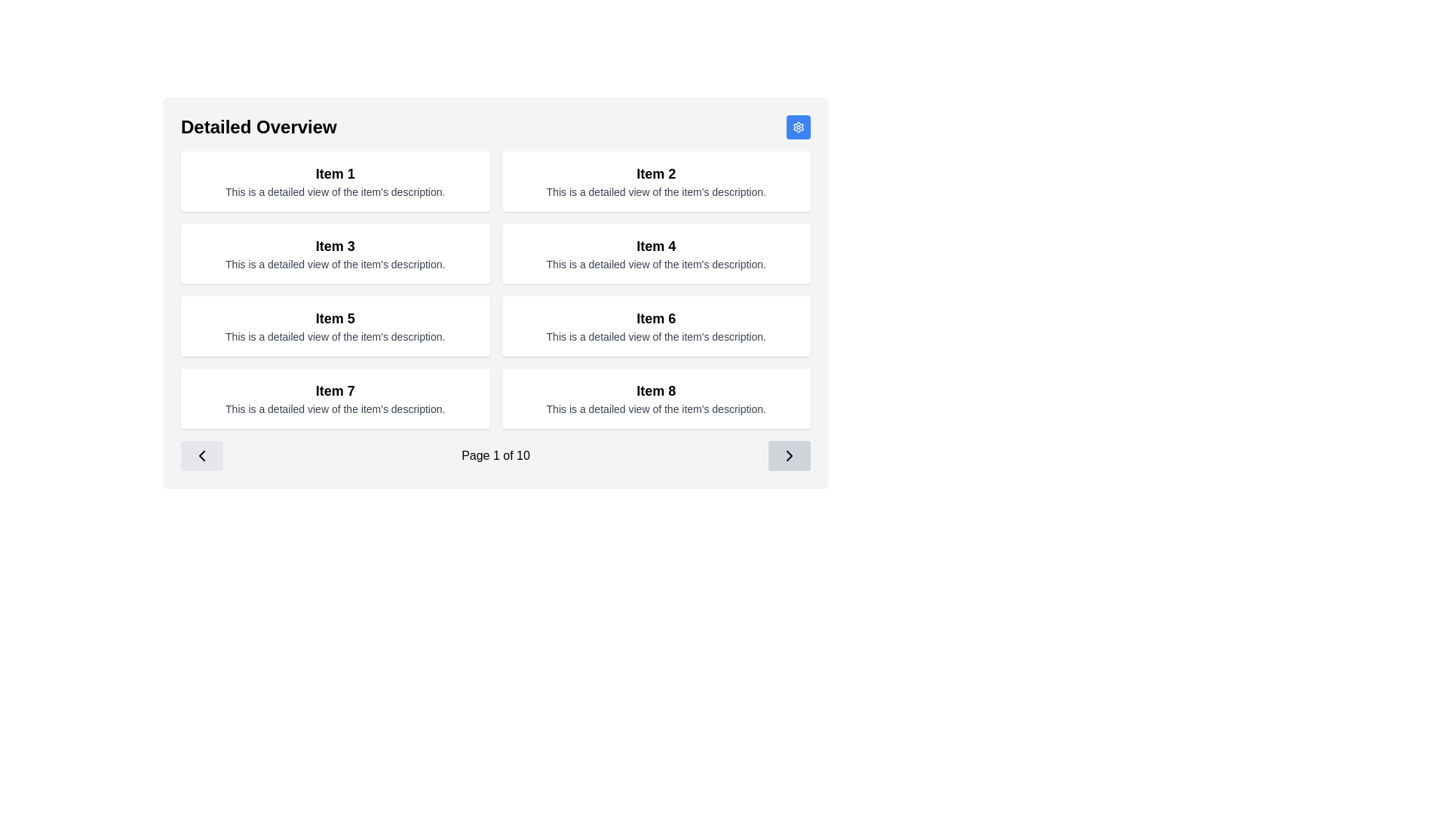 This screenshot has width=1448, height=814. What do you see at coordinates (788, 455) in the screenshot?
I see `the right-facing chevron button adjacent to the text 'Page 1 of 10'` at bounding box center [788, 455].